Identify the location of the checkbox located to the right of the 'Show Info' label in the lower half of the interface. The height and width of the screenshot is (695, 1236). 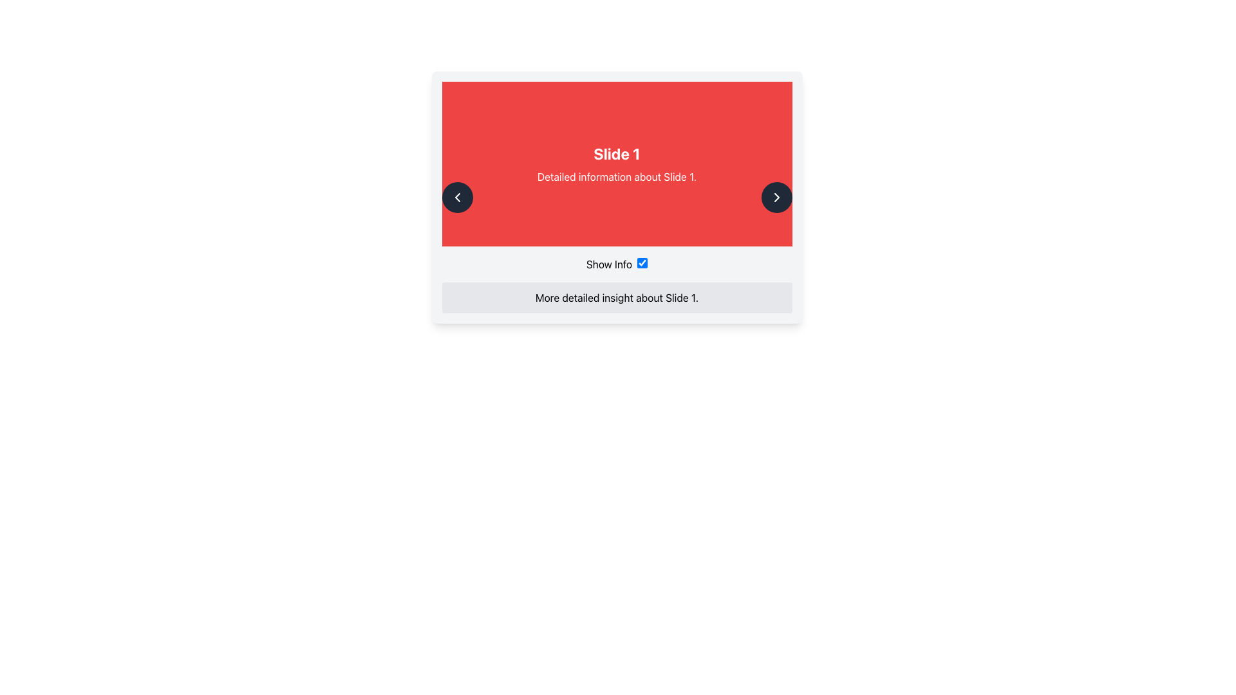
(642, 262).